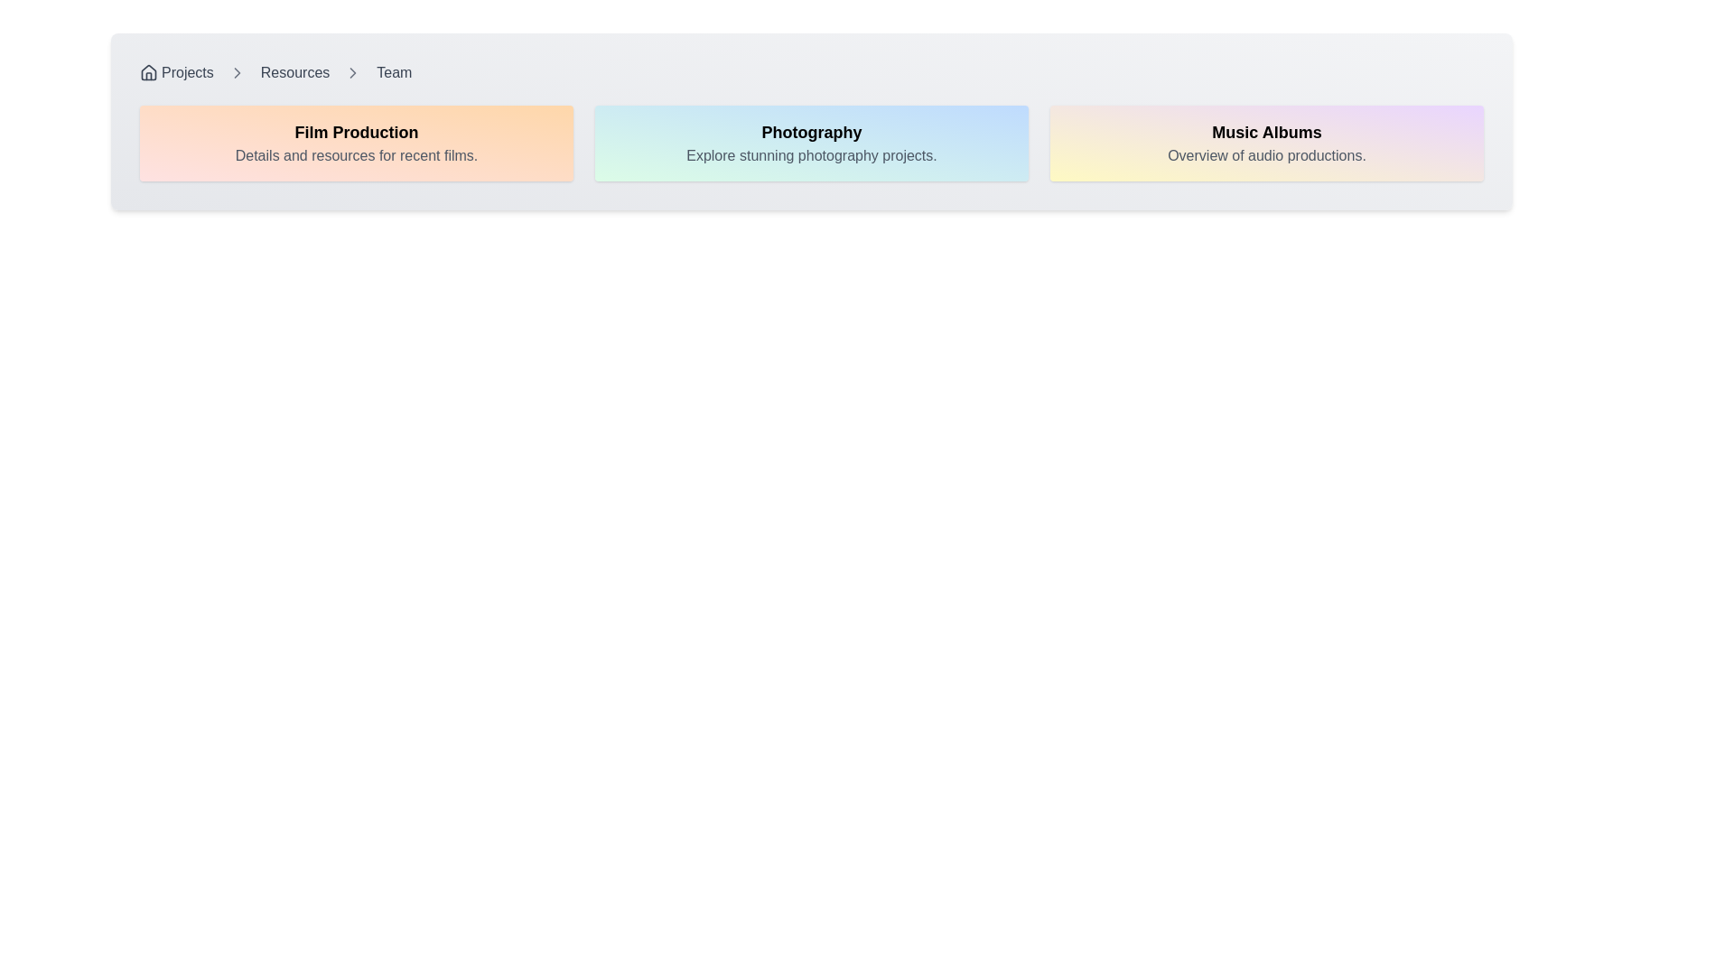 The image size is (1734, 975). Describe the element at coordinates (236, 72) in the screenshot. I see `the Chevron icon located in the breadcrumb navigation between 'Resources' and 'Team' to indicate the current location and possible next steps in the hierarchy` at that location.